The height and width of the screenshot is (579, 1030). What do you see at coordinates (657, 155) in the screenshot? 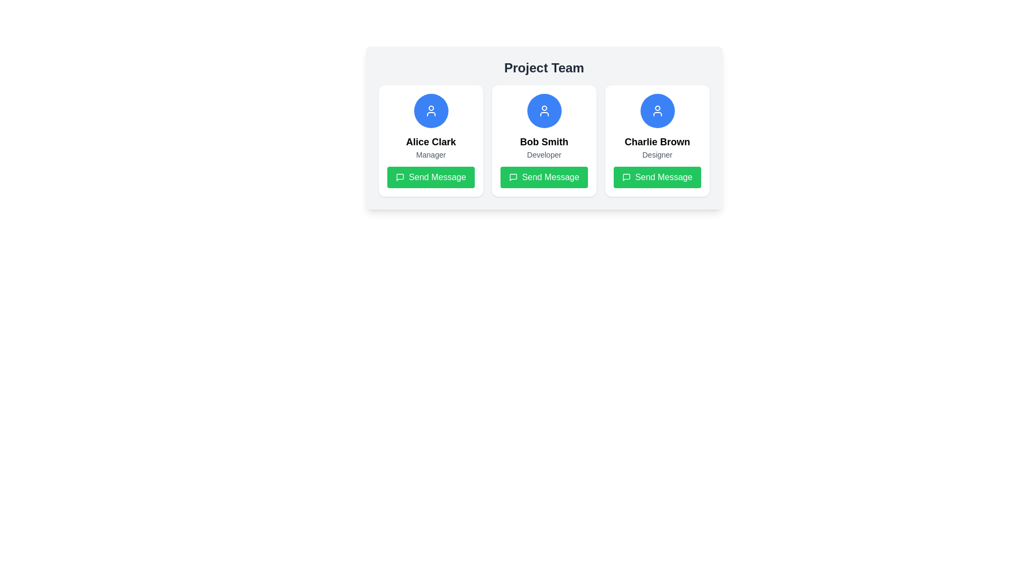
I see `the text label indicating the role or position of the individual in the third card, located under 'Charlie Brown' and above the 'Send Message' button` at bounding box center [657, 155].